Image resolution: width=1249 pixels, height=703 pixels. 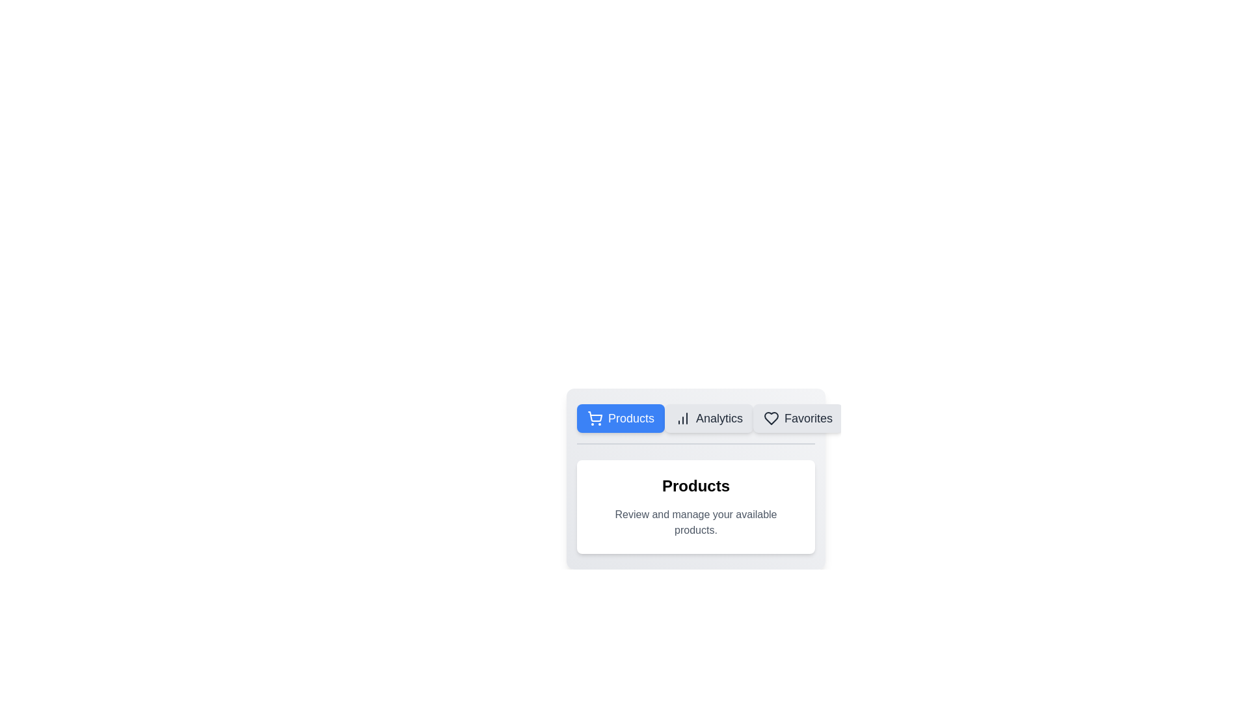 I want to click on the heart icon representing the 'Favorites' functionality located in the horizontal navigation menu, adjacent to the 'Favorites' text, so click(x=771, y=419).